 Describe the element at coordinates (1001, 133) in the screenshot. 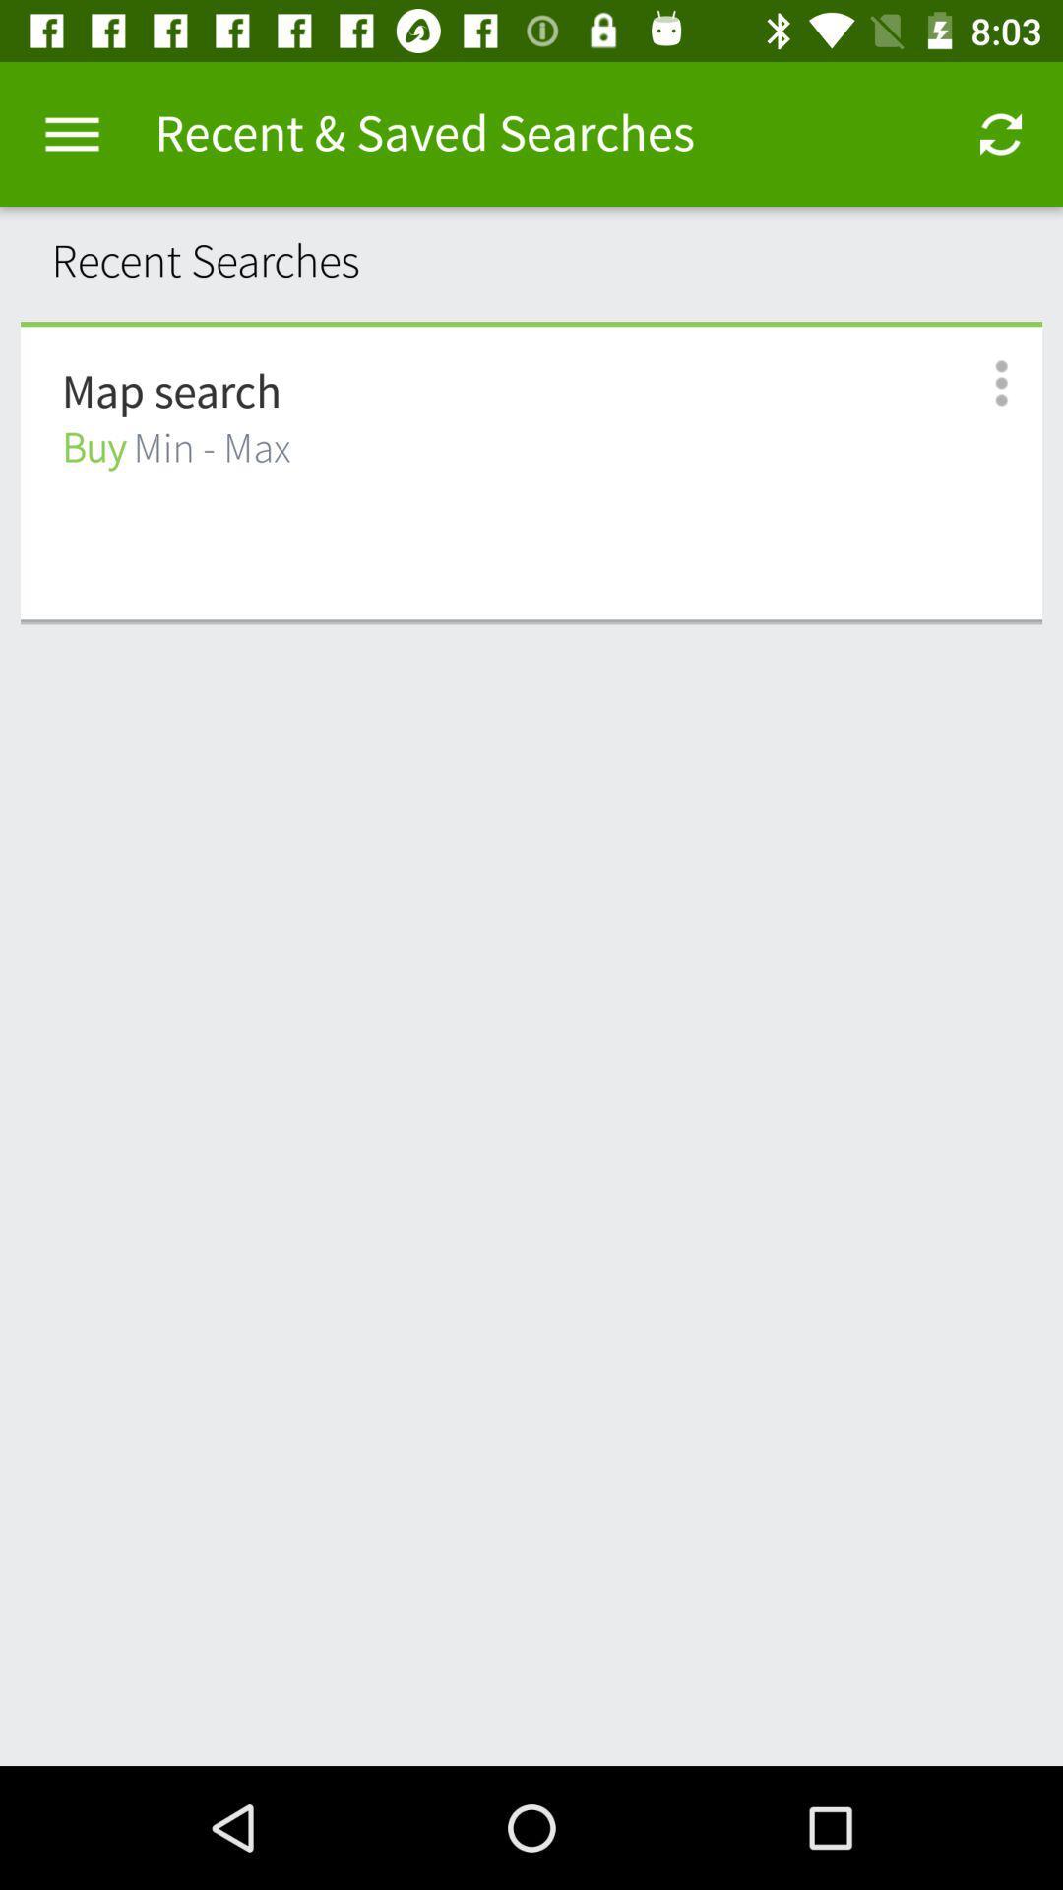

I see `the item next to the recent & saved searches` at that location.